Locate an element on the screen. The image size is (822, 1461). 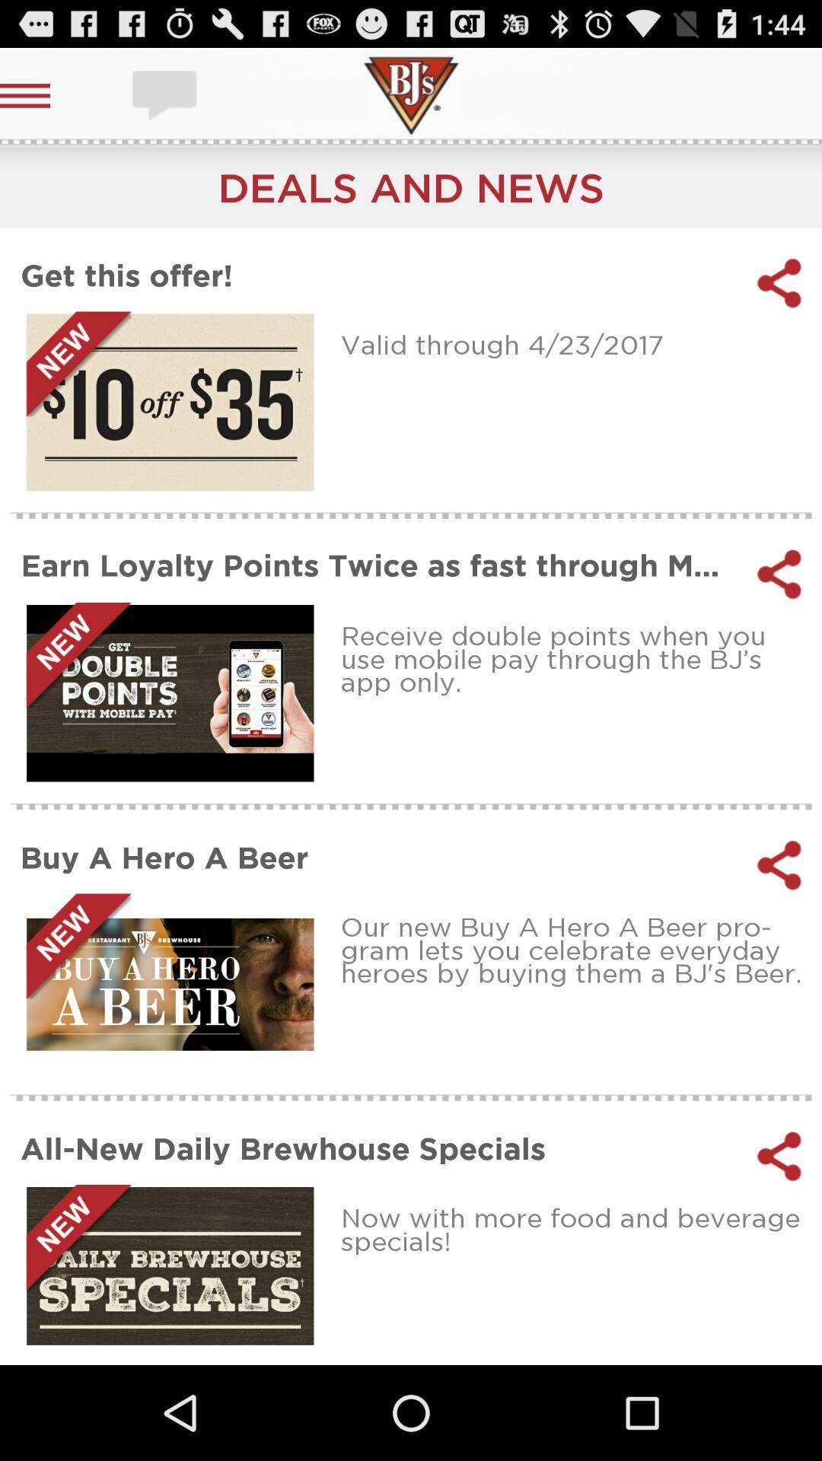
valid through 4 icon is located at coordinates (576, 343).